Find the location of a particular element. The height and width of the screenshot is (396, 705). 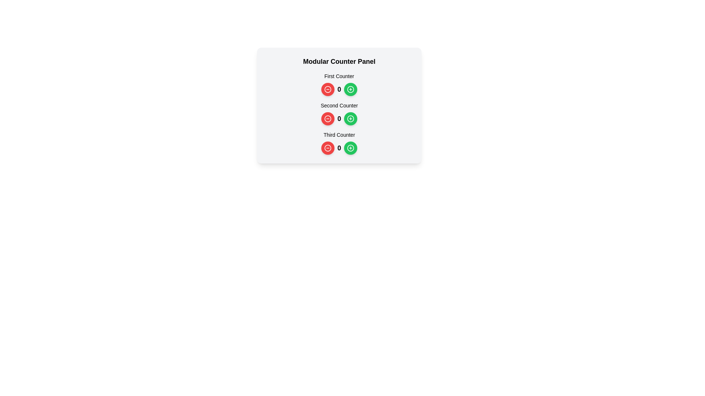

the text label displaying the number '0', which is bold and larger than surrounding text, positioned between the red minus button and the green plus button of the second counter is located at coordinates (339, 118).